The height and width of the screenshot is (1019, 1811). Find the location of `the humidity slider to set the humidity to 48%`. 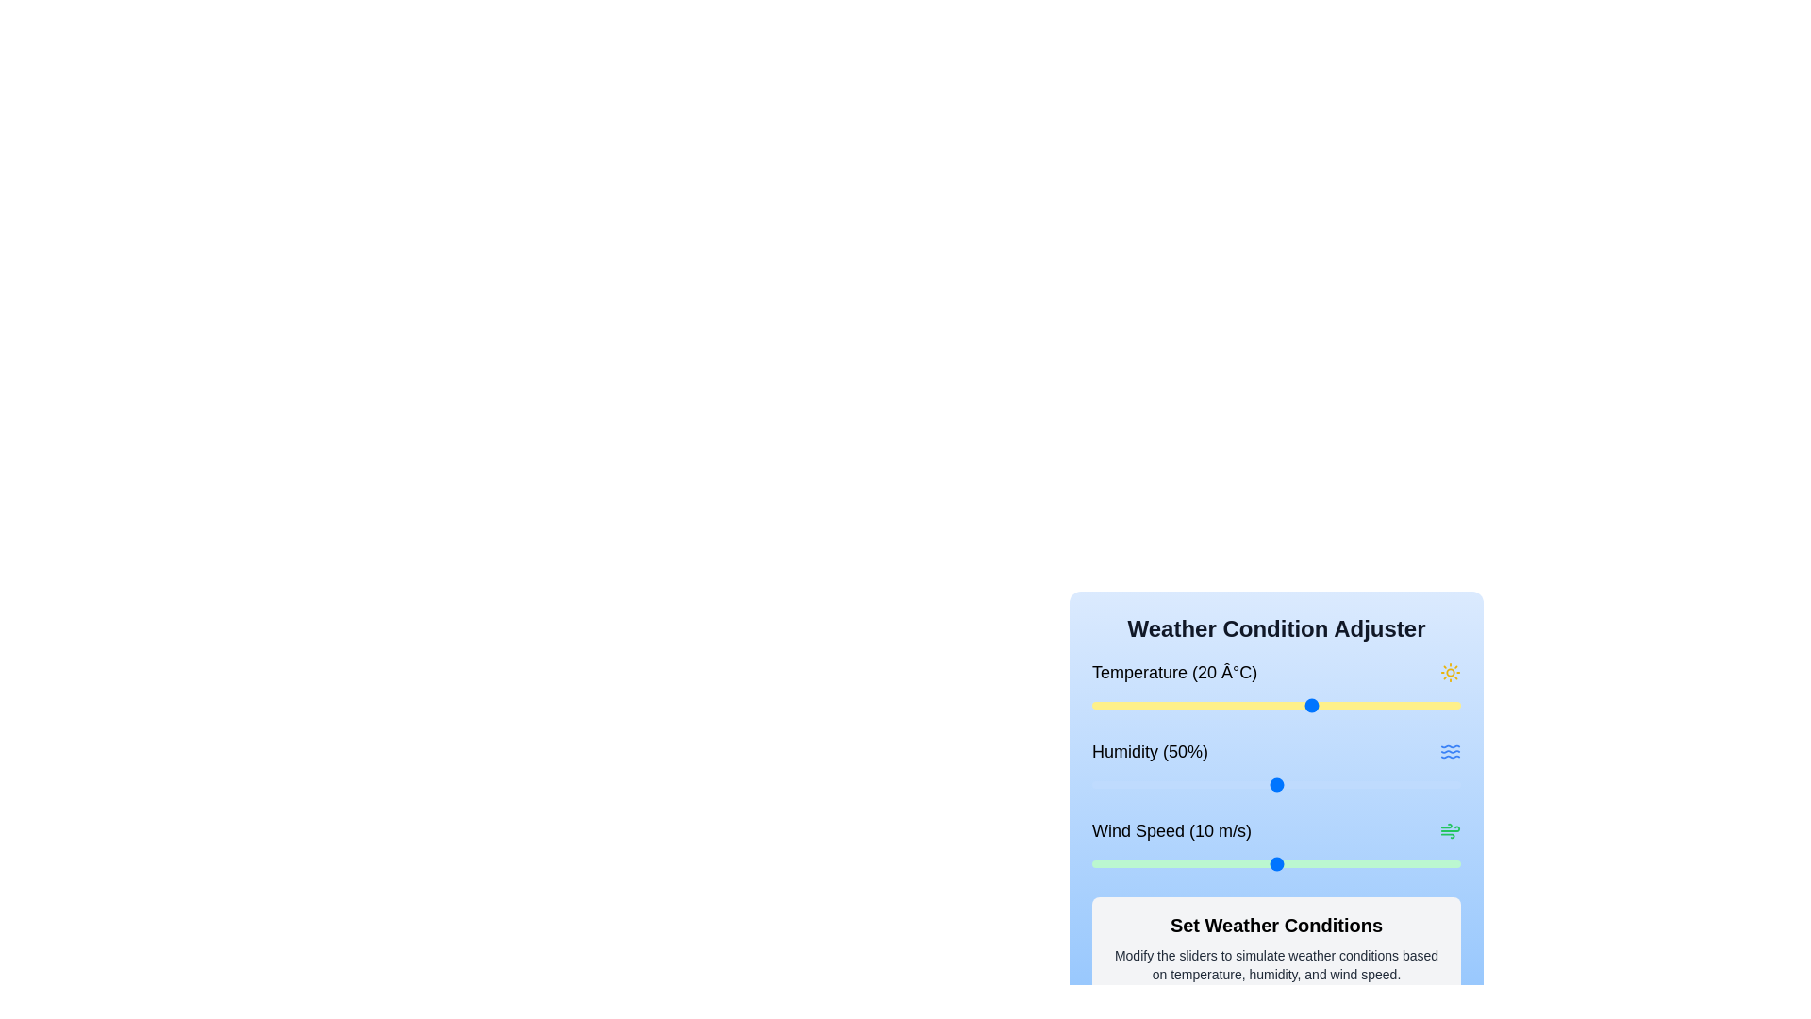

the humidity slider to set the humidity to 48% is located at coordinates (1269, 785).